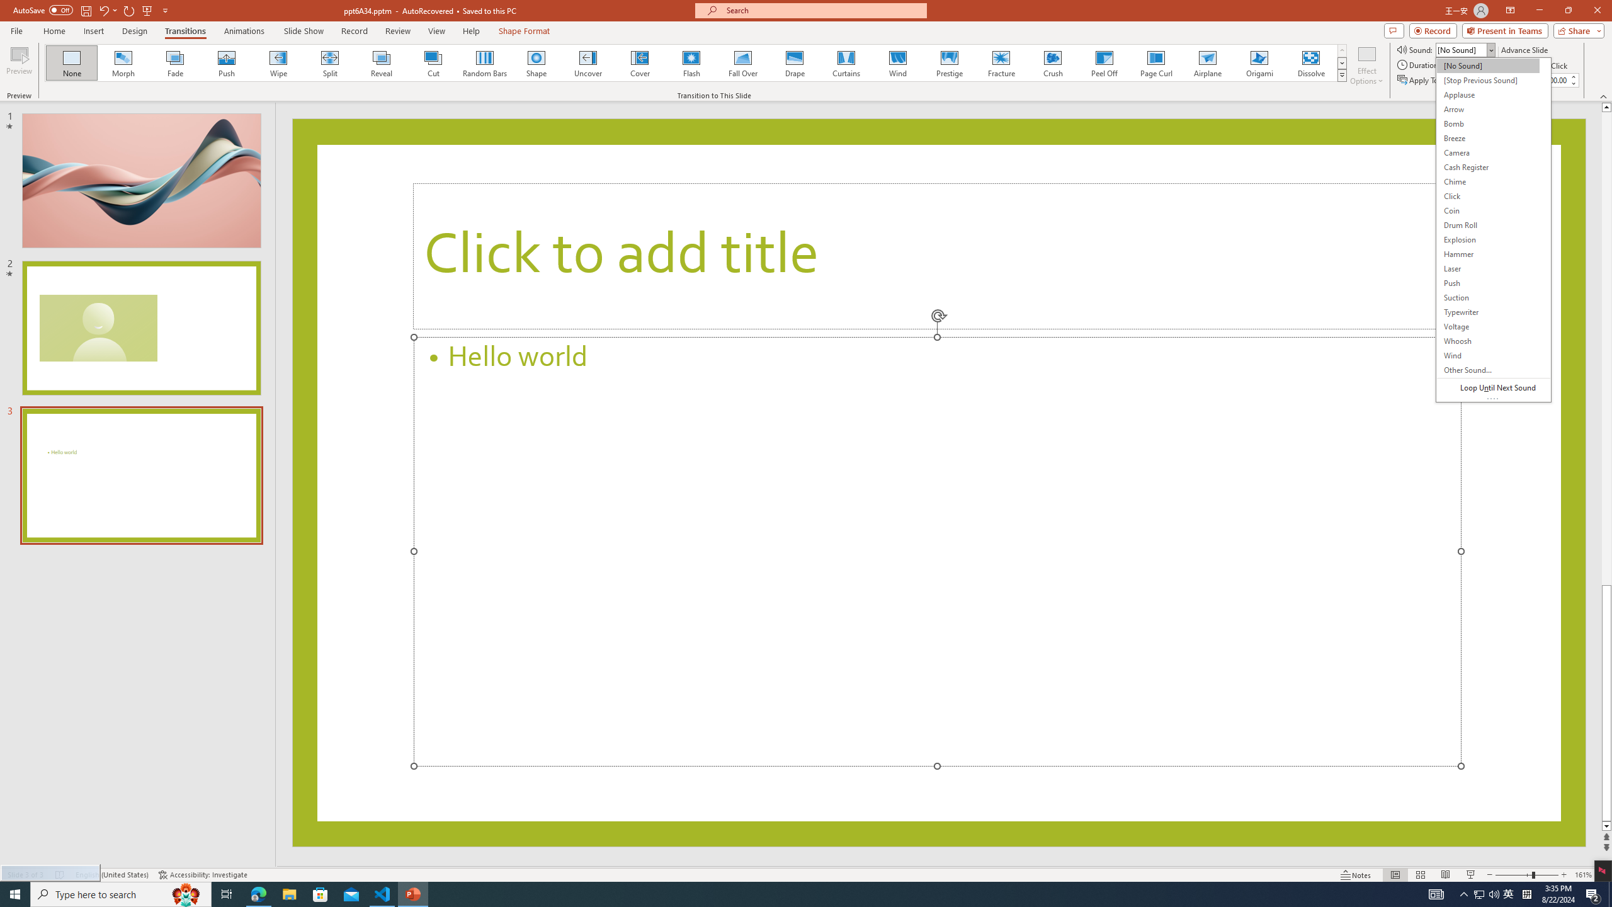 The width and height of the screenshot is (1612, 907). I want to click on 'Prestige', so click(949, 62).